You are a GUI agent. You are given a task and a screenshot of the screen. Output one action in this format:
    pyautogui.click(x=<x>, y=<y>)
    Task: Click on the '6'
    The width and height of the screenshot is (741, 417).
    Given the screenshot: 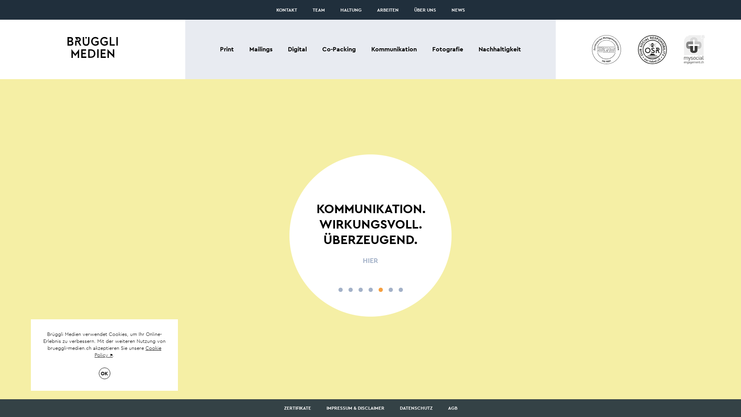 What is the action you would take?
    pyautogui.click(x=390, y=290)
    